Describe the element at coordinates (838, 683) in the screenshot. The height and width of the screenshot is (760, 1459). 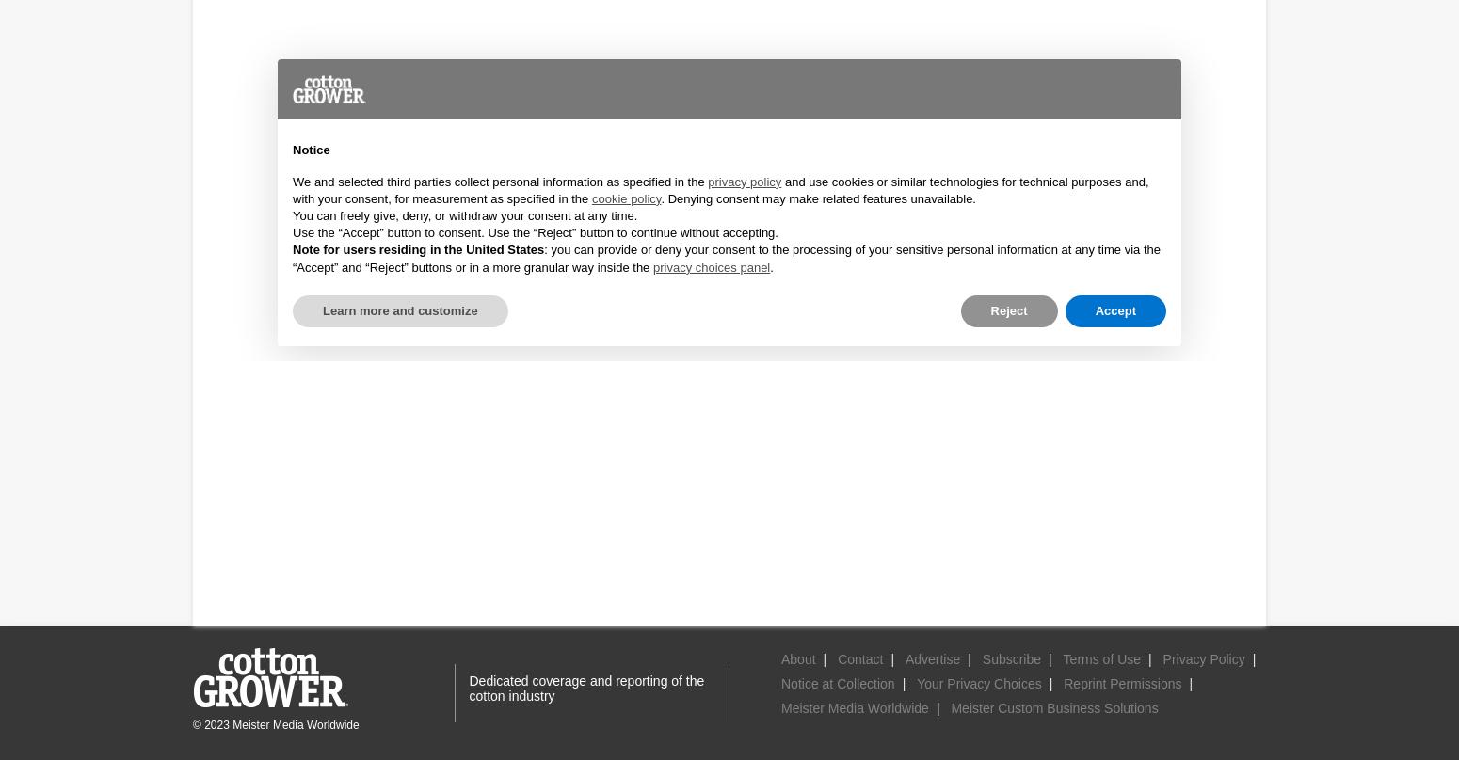
I see `'Notice at Collection'` at that location.